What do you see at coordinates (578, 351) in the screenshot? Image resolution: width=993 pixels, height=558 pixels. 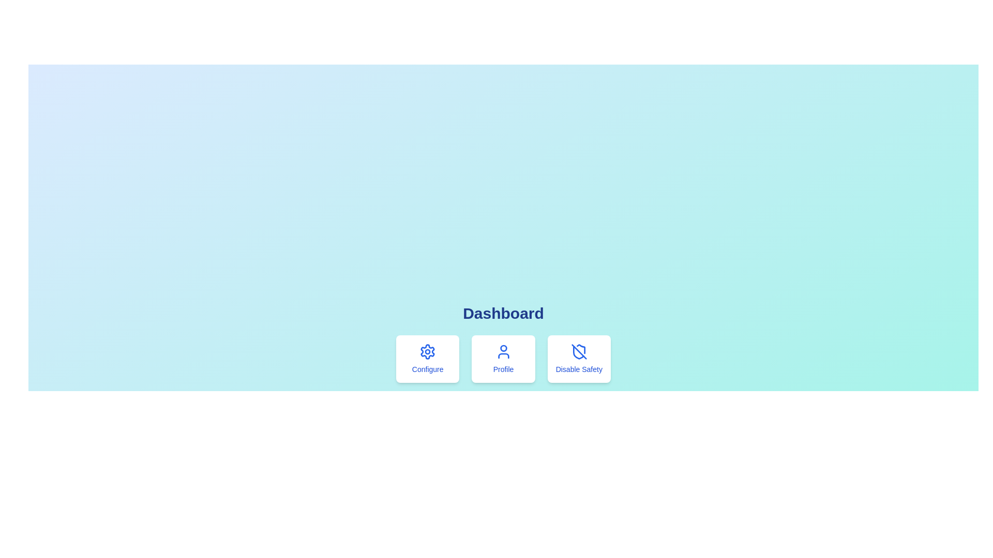 I see `the 'Disable Safety' icon, which is the third card in the row below the 'Dashboard' heading, indicating the action to disable a safety feature` at bounding box center [578, 351].